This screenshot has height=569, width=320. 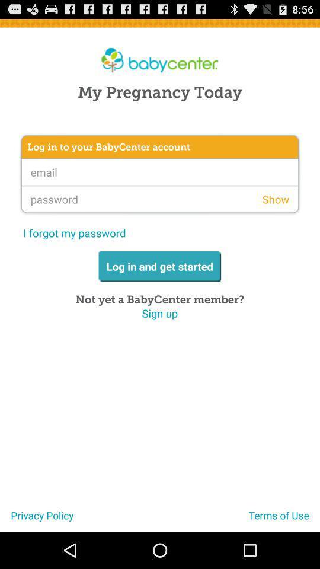 I want to click on insert email, so click(x=160, y=171).